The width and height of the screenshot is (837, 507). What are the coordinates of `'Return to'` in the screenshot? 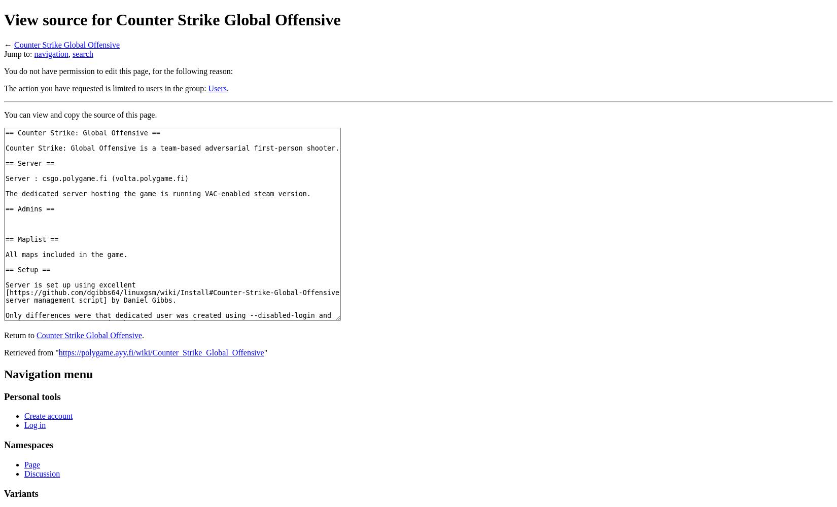 It's located at (4, 335).